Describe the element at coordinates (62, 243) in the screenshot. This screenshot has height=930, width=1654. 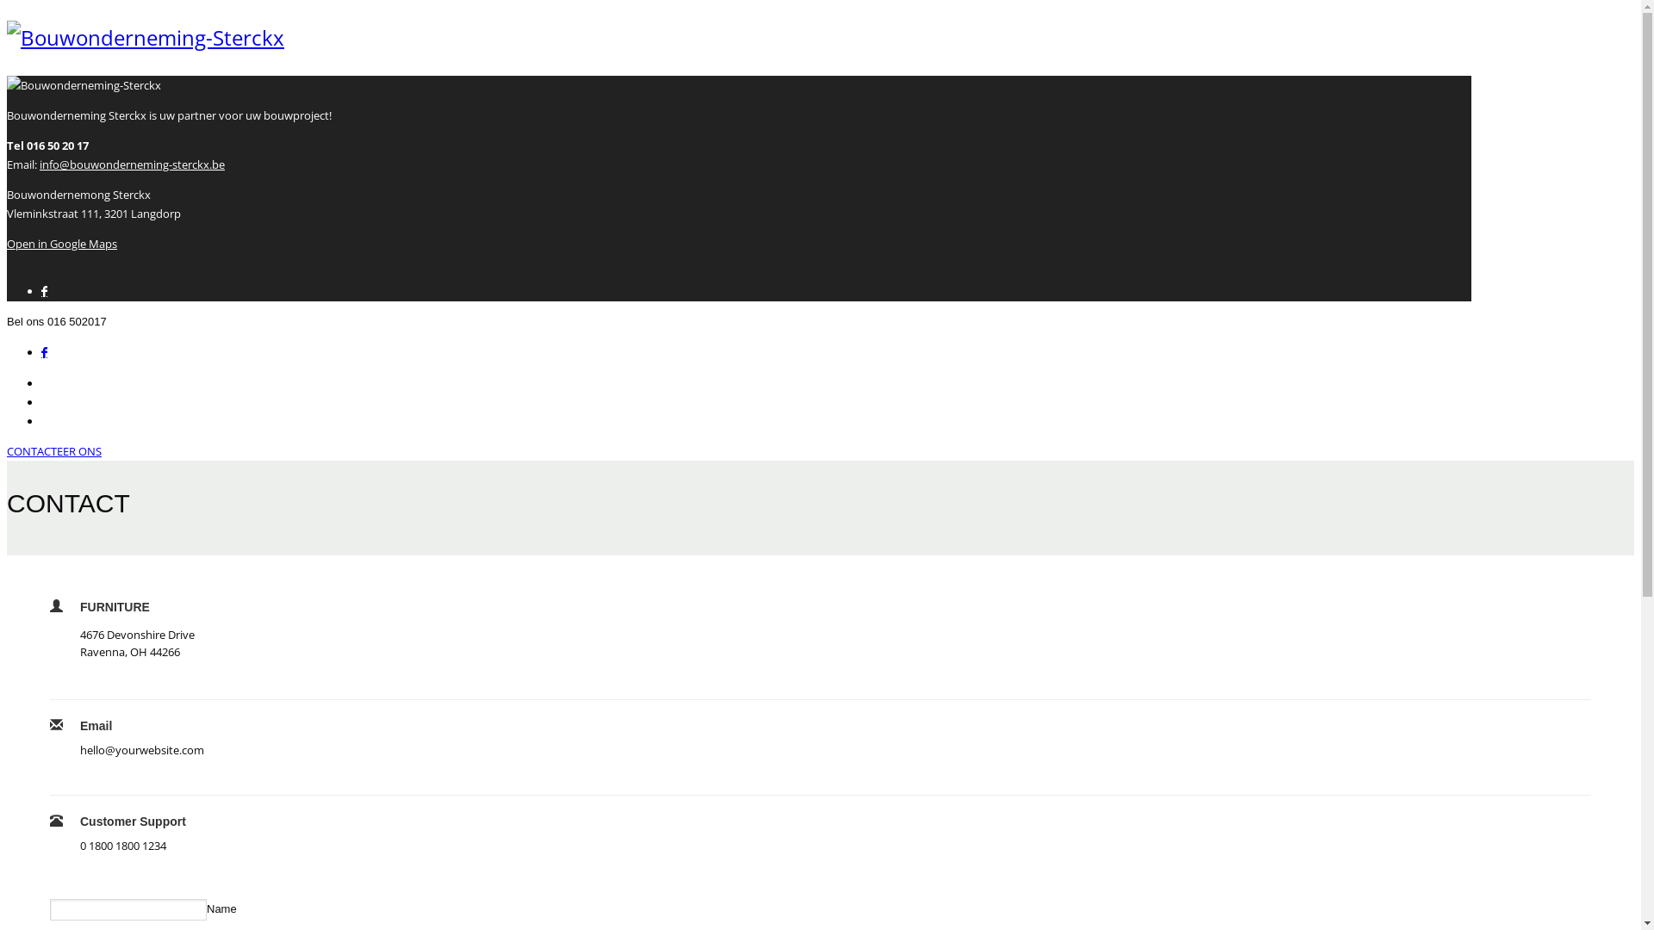
I see `'Open in Google Maps'` at that location.